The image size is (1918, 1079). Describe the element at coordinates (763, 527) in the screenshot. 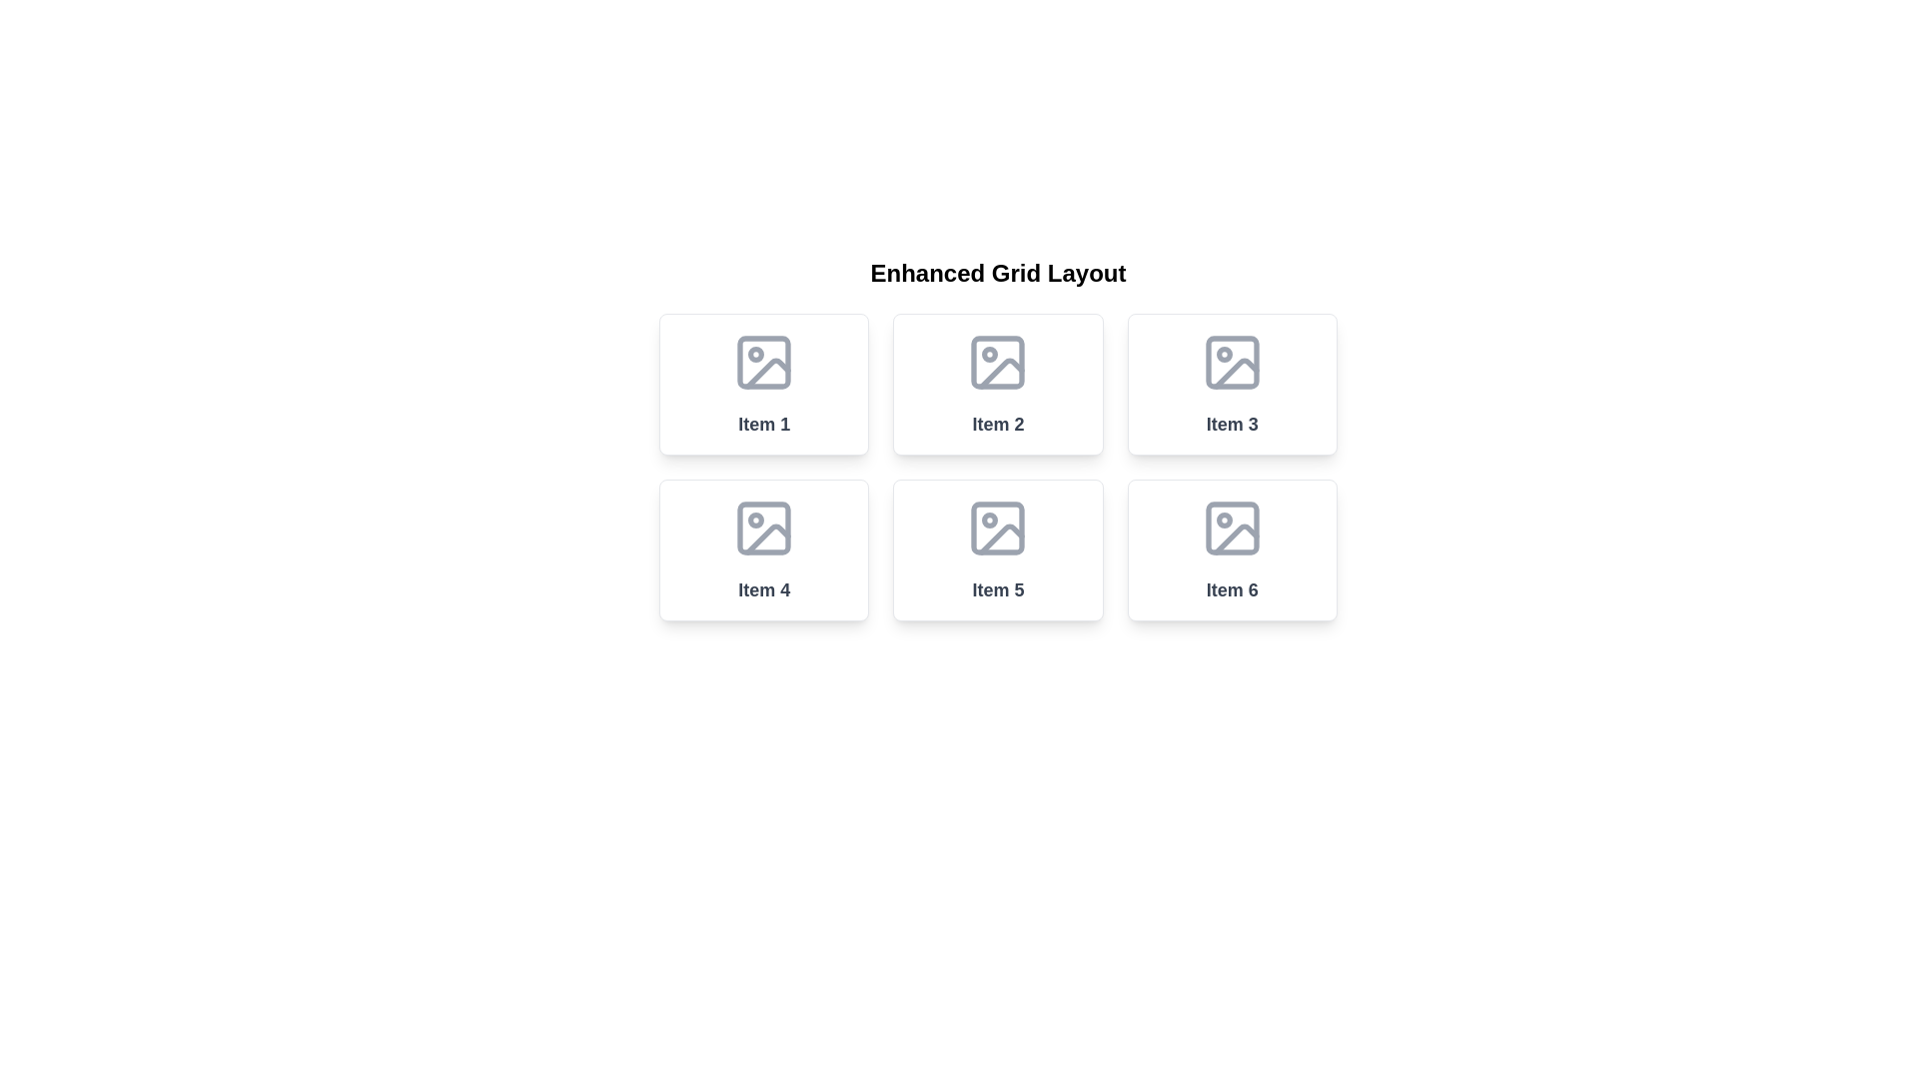

I see `the icon that resembles a picture frame, which is located in the fourth grid item labeled 'Item 4' in the second row and first column of the grid layout` at that location.